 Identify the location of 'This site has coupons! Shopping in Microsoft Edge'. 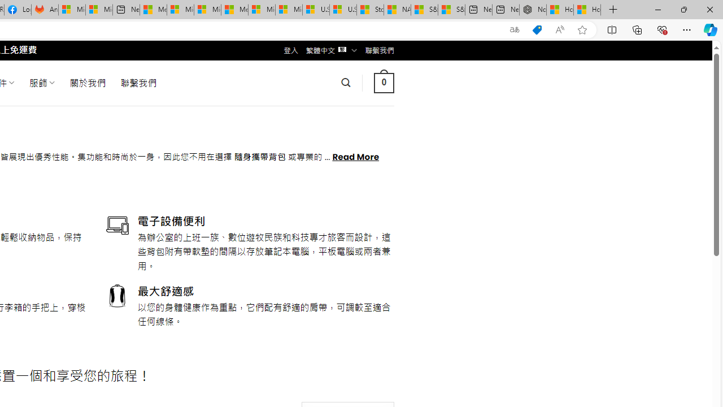
(537, 29).